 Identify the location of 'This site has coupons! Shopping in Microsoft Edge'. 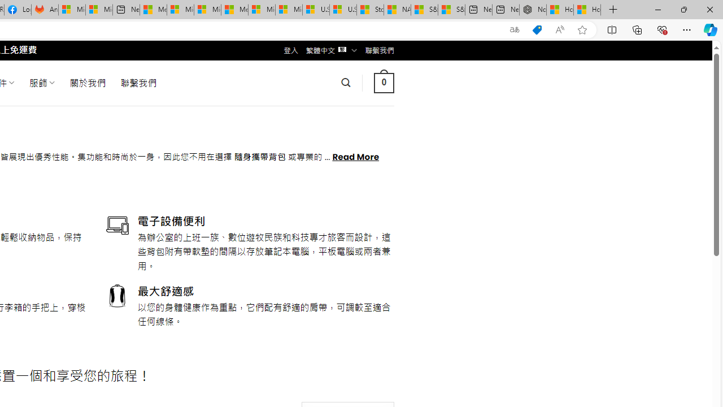
(537, 29).